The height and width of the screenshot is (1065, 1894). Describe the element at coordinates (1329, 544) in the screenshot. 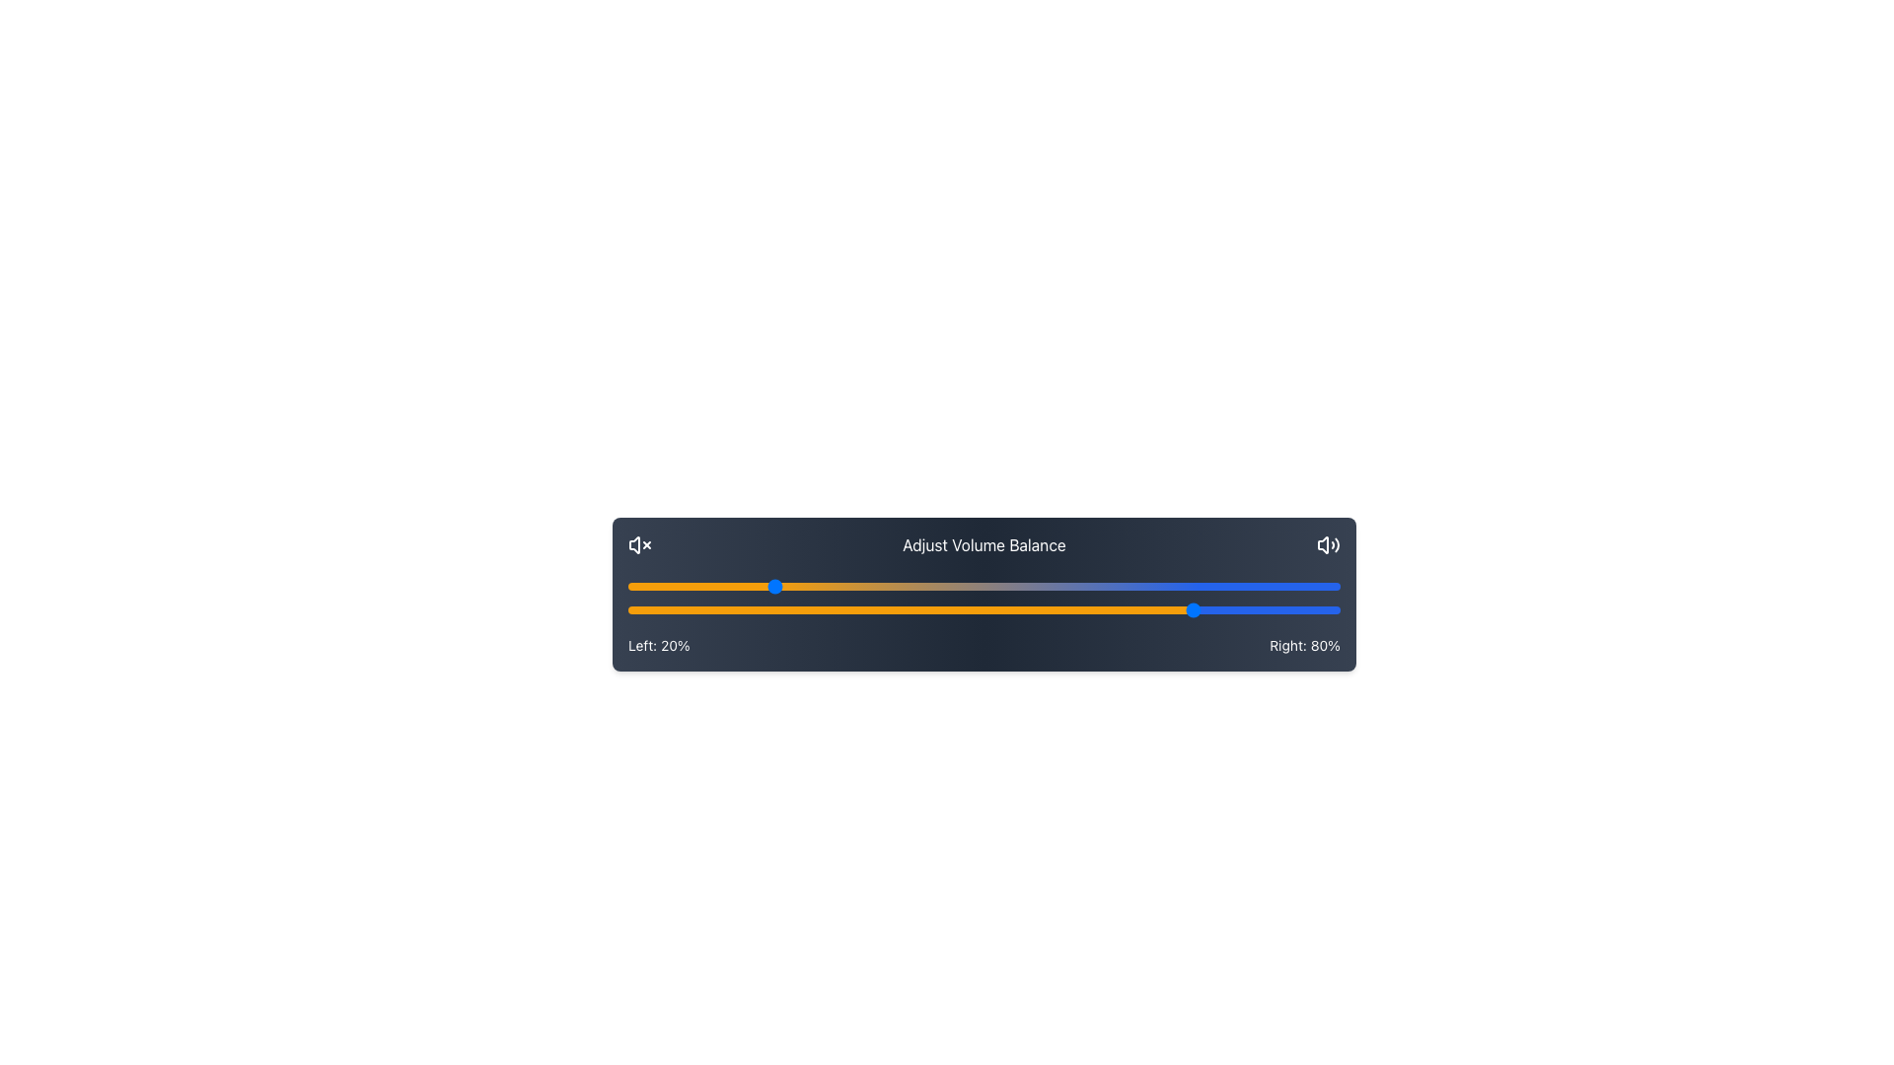

I see `the sound adjustment icon located at the end of the 'Adjust Volume Balance' title to modify sound settings` at that location.